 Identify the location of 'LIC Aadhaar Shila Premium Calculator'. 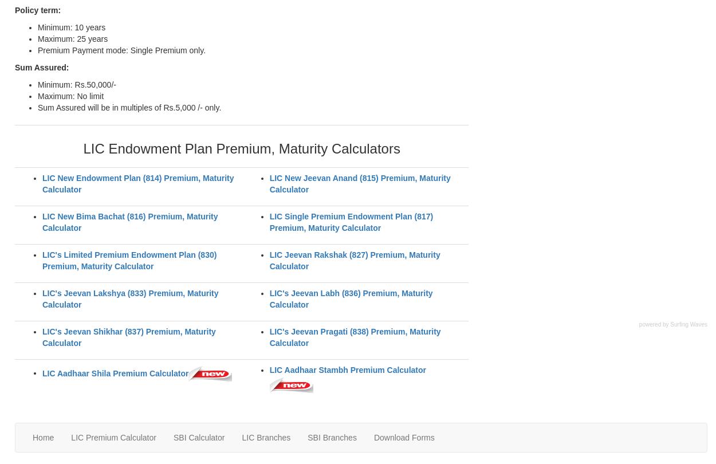
(115, 372).